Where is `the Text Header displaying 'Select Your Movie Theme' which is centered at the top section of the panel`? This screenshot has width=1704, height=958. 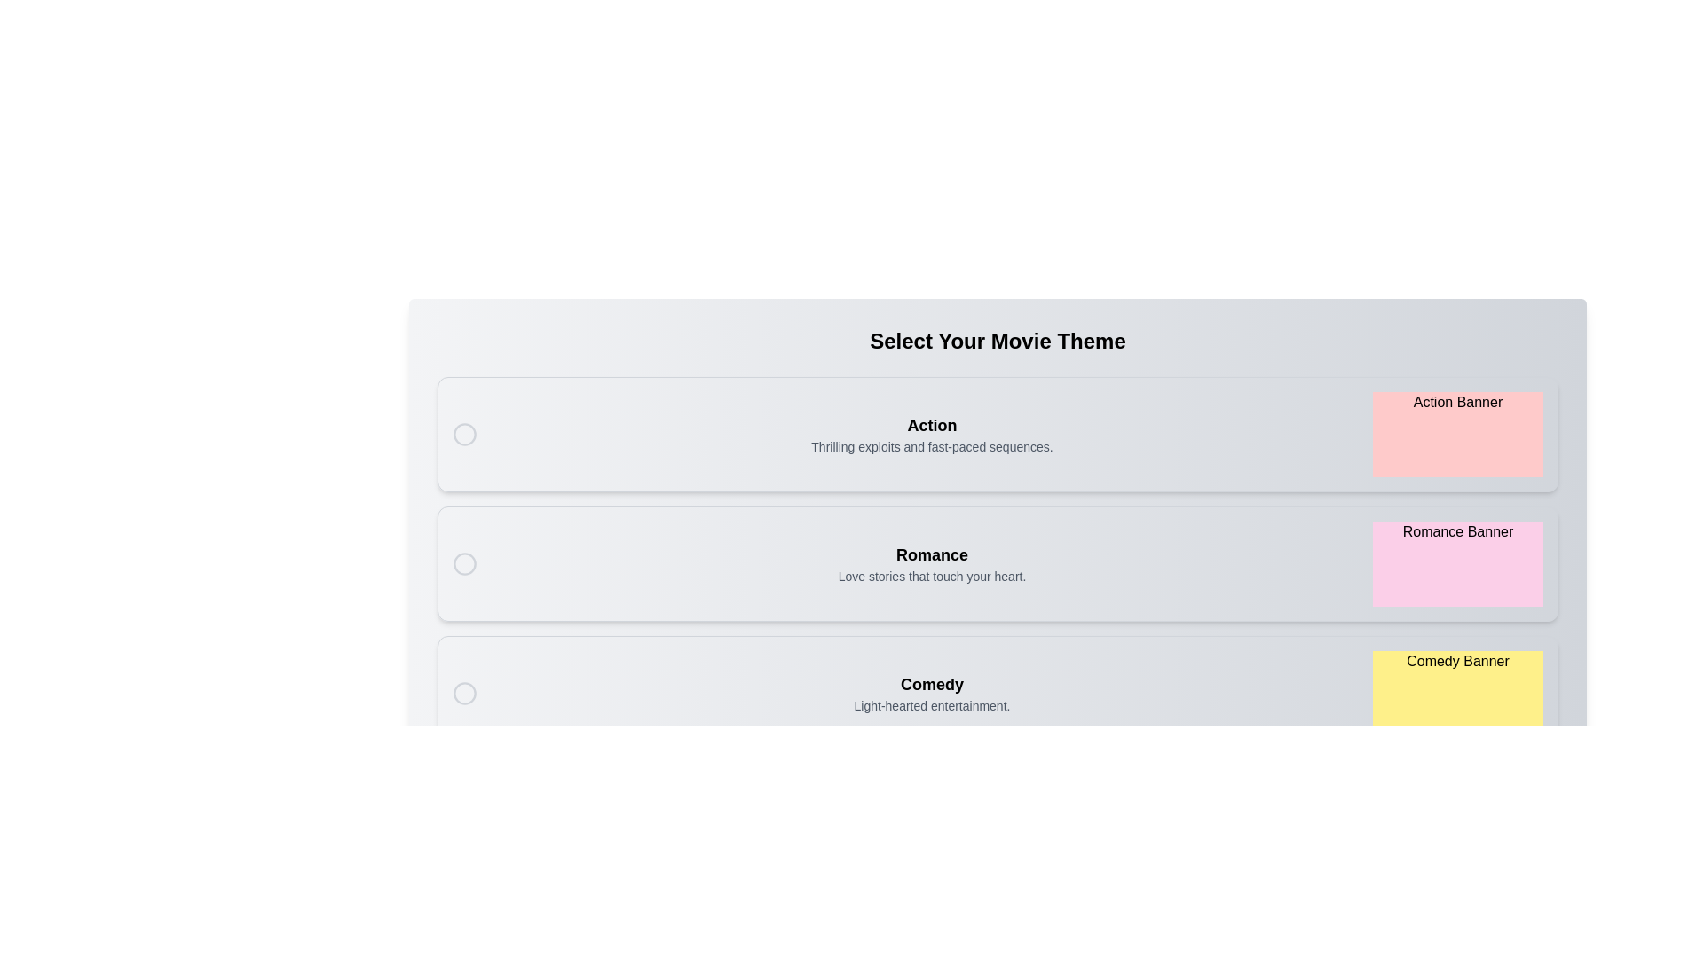 the Text Header displaying 'Select Your Movie Theme' which is centered at the top section of the panel is located at coordinates (998, 342).